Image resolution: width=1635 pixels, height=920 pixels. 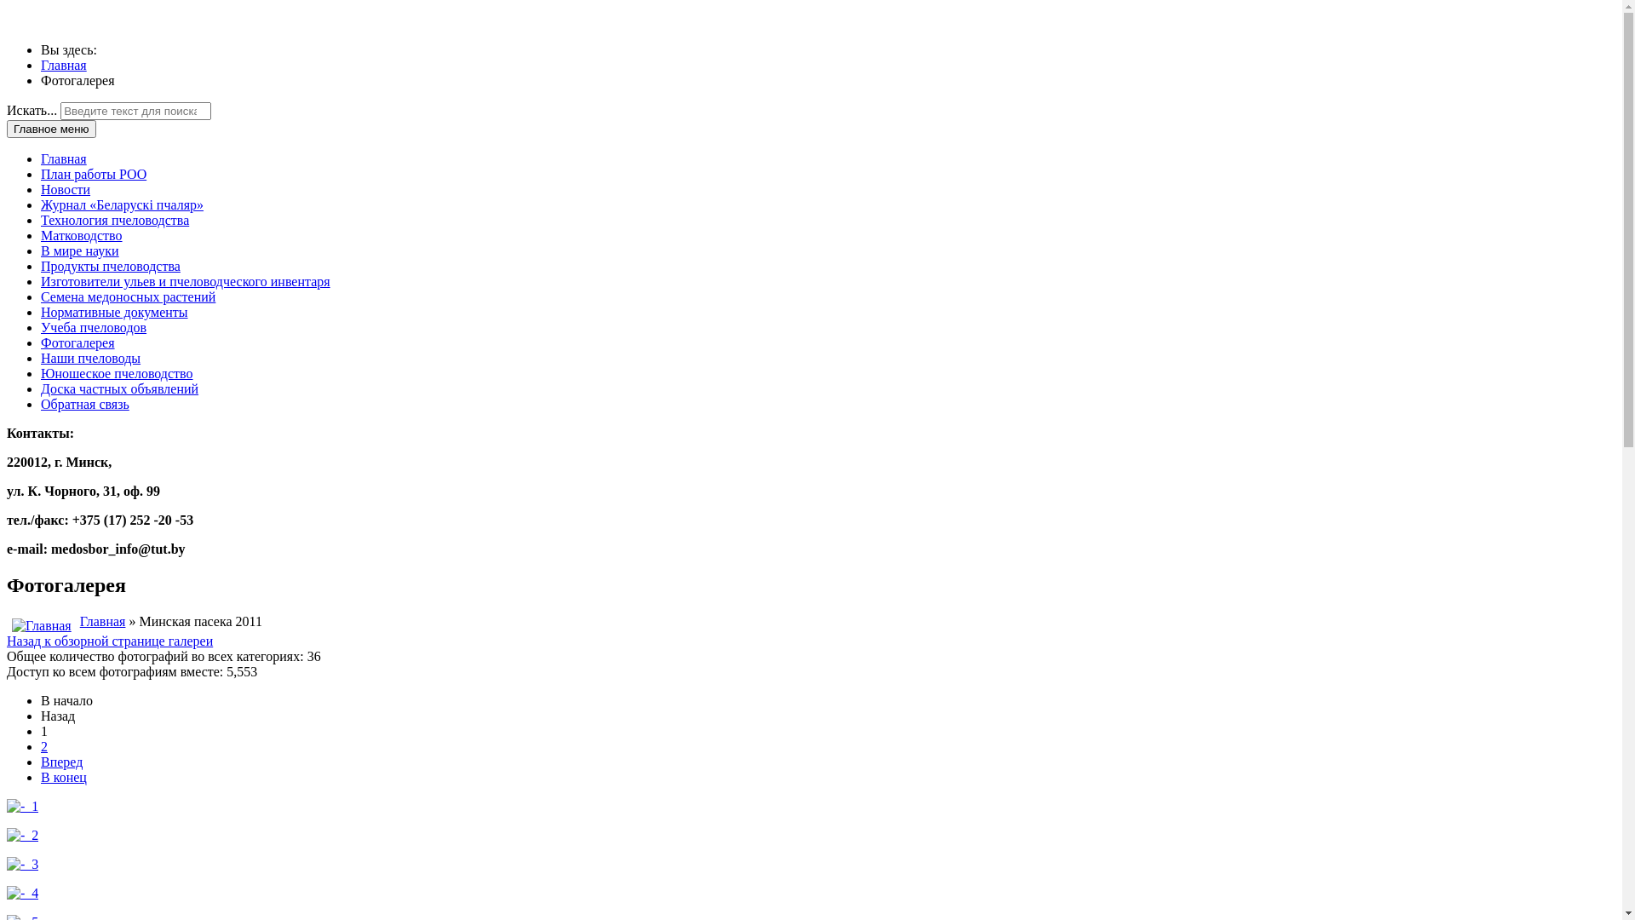 What do you see at coordinates (22, 892) in the screenshot?
I see `'-_4'` at bounding box center [22, 892].